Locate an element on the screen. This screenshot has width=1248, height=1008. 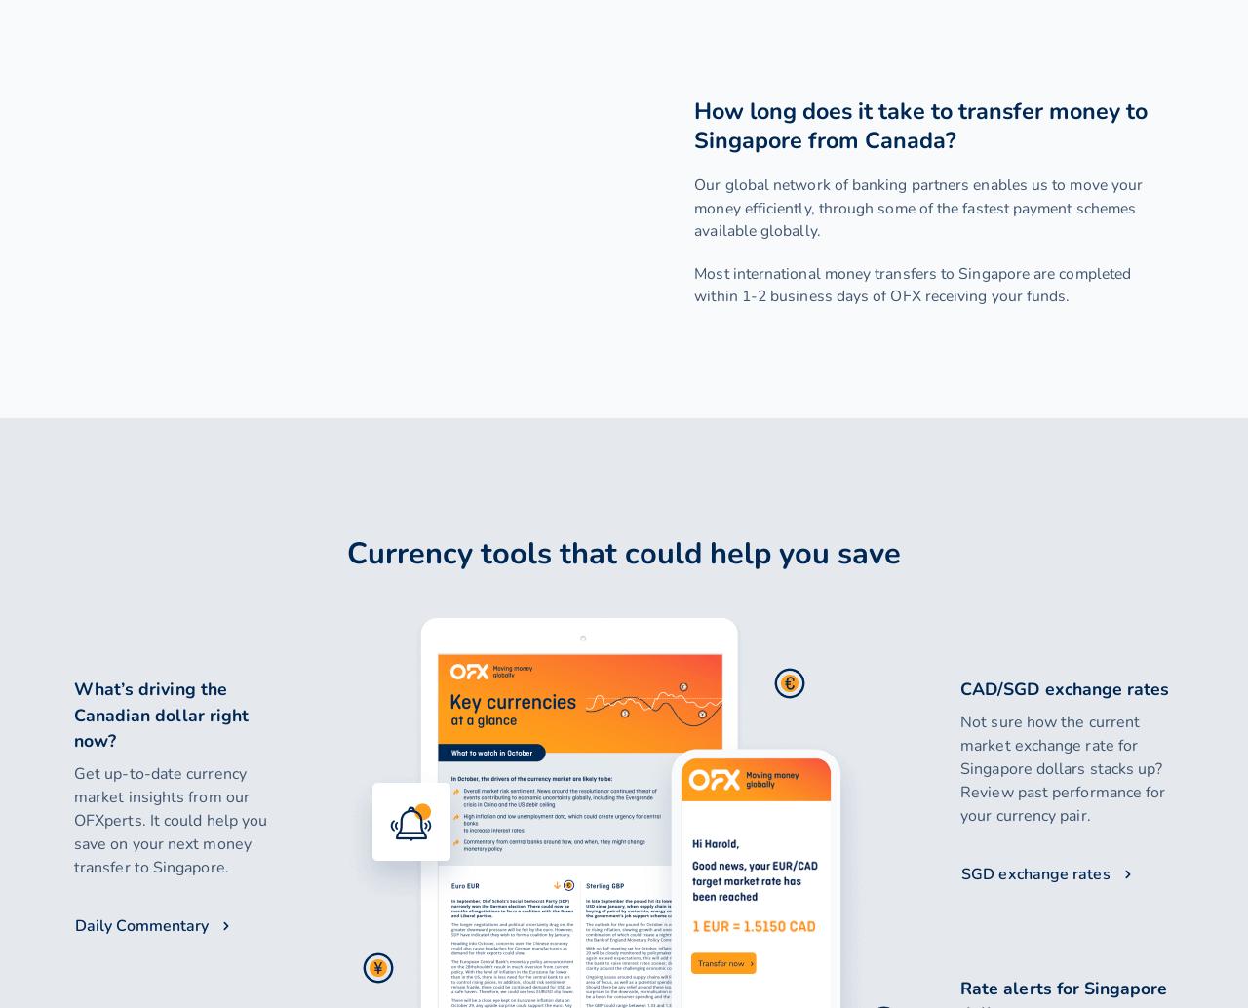
'Quick links' is located at coordinates (74, 14).